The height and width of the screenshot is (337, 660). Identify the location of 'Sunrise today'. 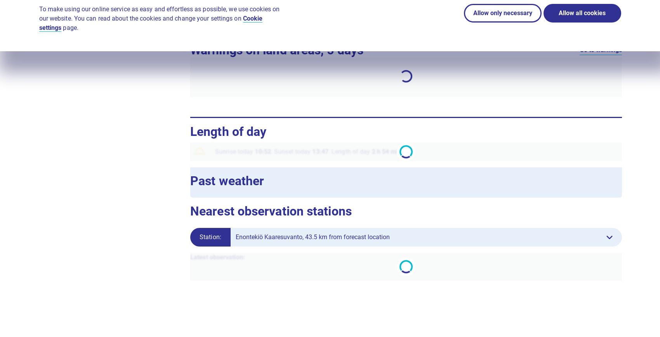
(215, 156).